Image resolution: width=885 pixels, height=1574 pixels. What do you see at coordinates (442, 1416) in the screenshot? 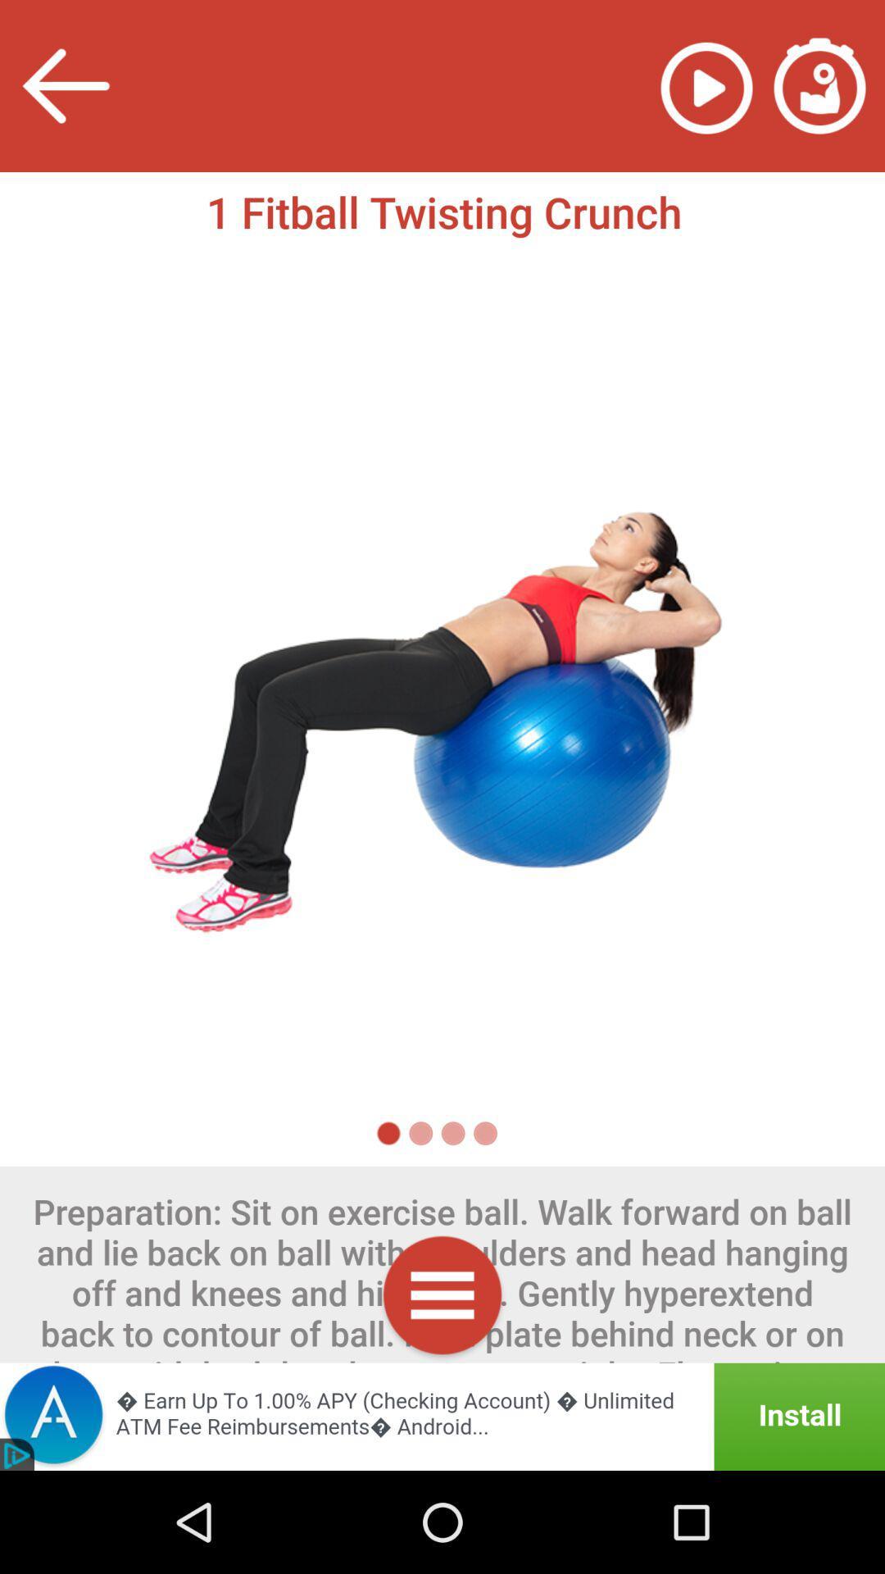
I see `open advertisement` at bounding box center [442, 1416].